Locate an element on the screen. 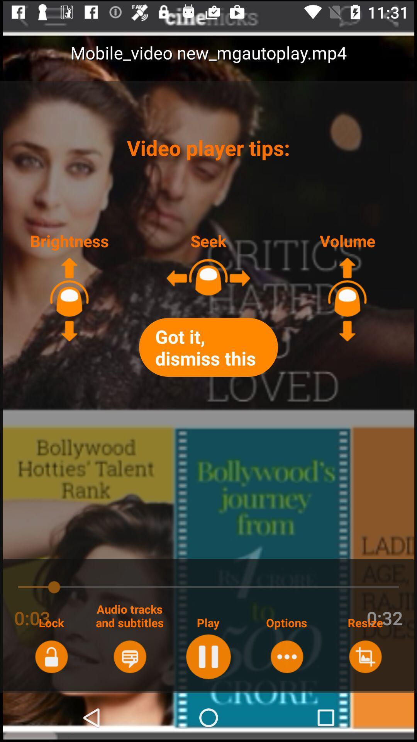  options is located at coordinates (286, 656).